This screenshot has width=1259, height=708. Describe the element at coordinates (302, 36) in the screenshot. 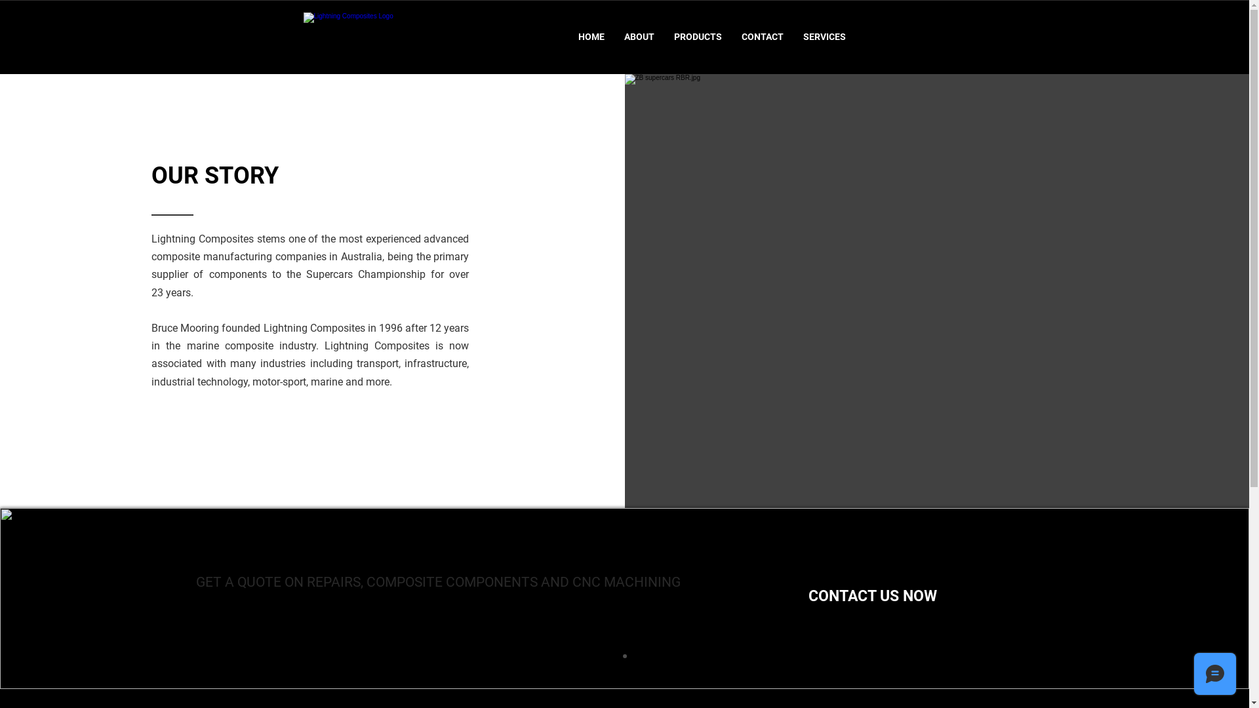

I see `'Lightning Composites Logo'` at that location.